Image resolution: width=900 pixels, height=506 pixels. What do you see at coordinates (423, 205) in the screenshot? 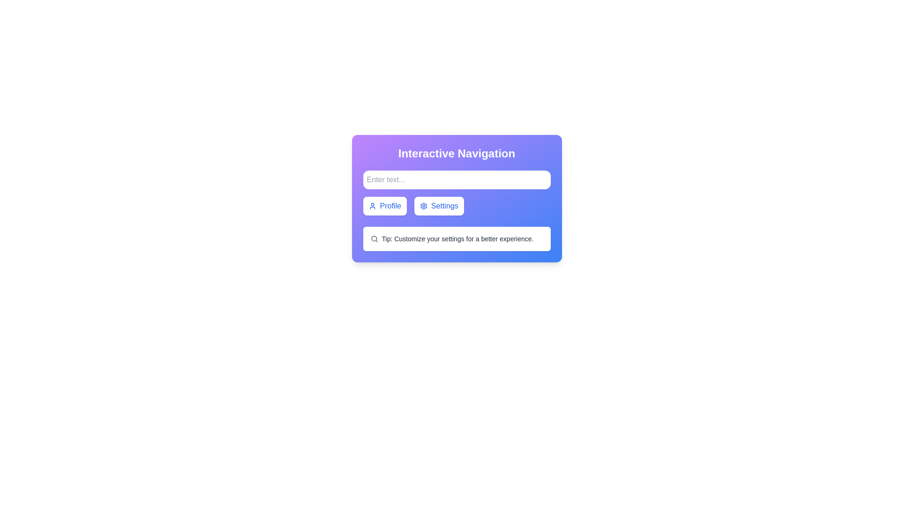
I see `the settings icon, which is the leftmost component of the 'Settings' button, located adjacent to the text label` at bounding box center [423, 205].